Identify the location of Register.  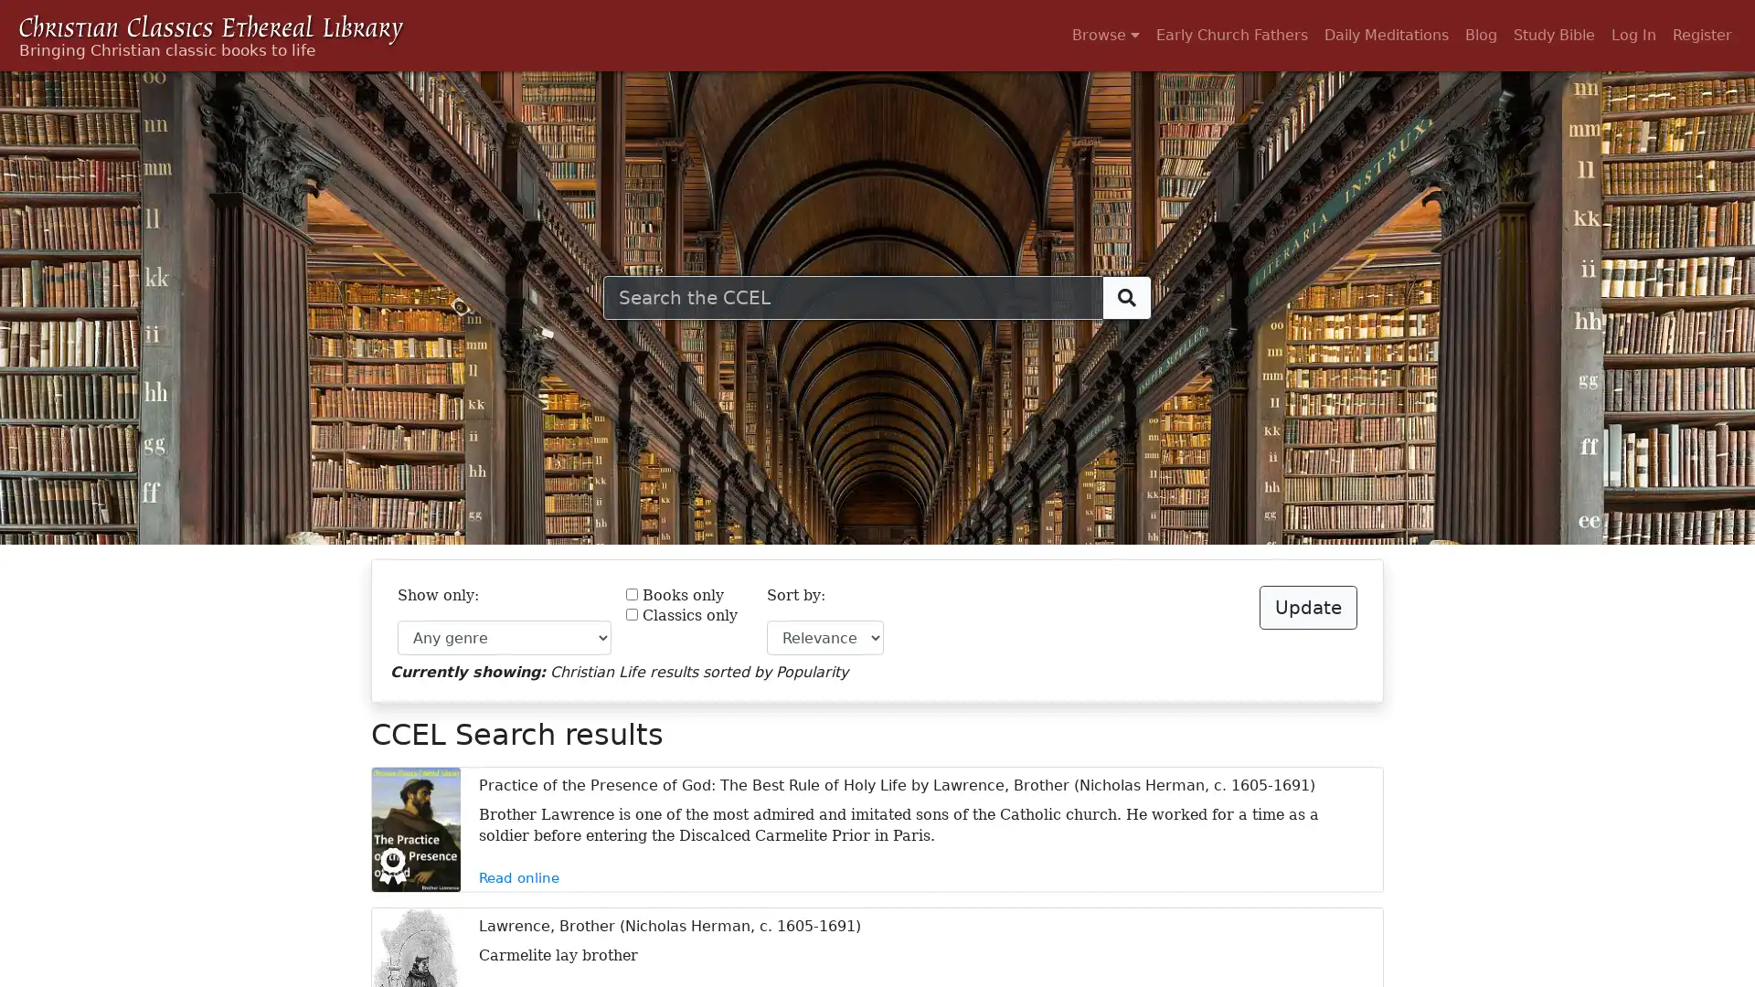
(1701, 35).